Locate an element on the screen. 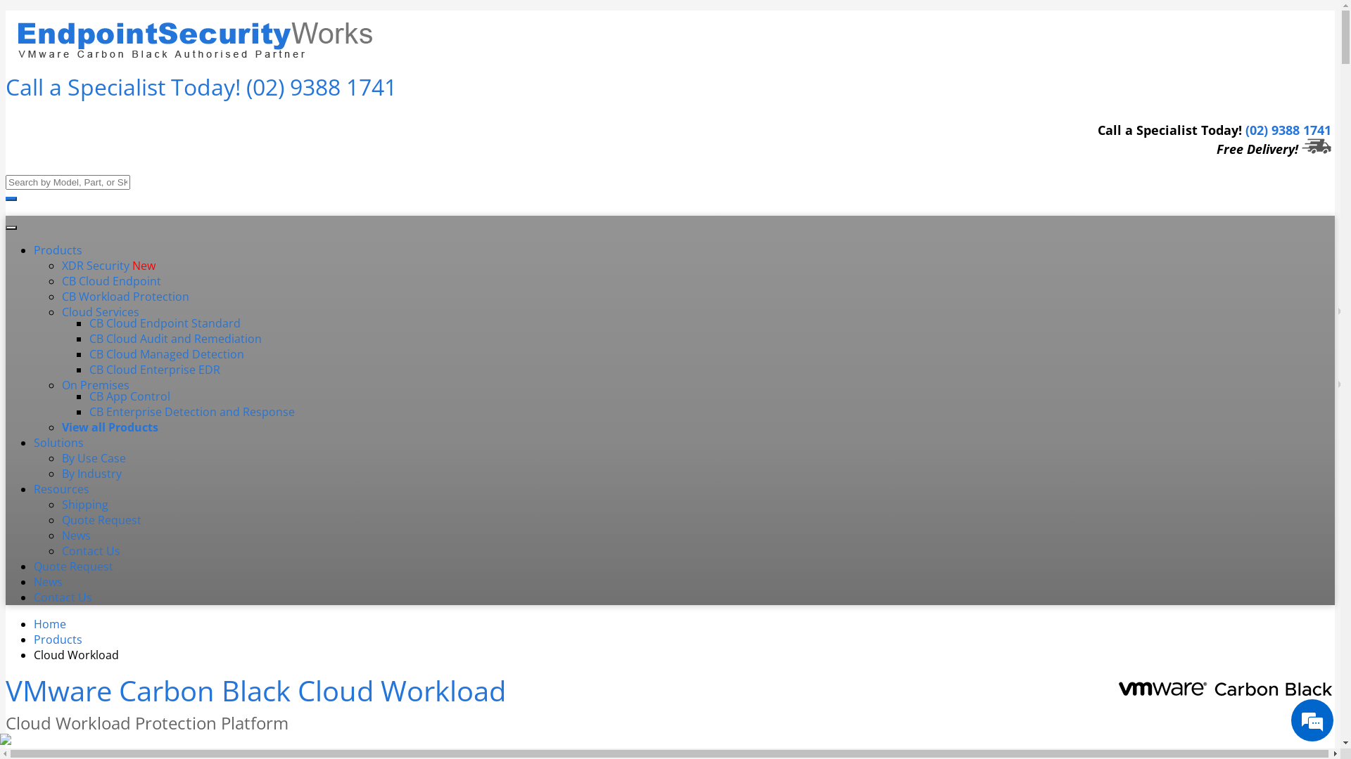  'XDR Security New' is located at coordinates (61, 266).